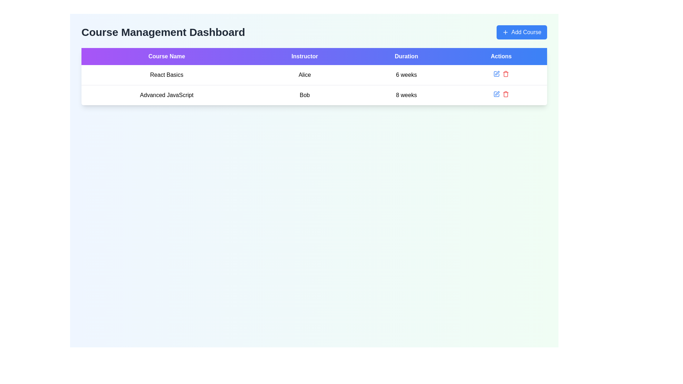 Image resolution: width=683 pixels, height=384 pixels. I want to click on the text element displaying the instructor's name for the course 'Advanced JavaScript', located in the second row of the table under the 'Instructor' column, so click(305, 95).